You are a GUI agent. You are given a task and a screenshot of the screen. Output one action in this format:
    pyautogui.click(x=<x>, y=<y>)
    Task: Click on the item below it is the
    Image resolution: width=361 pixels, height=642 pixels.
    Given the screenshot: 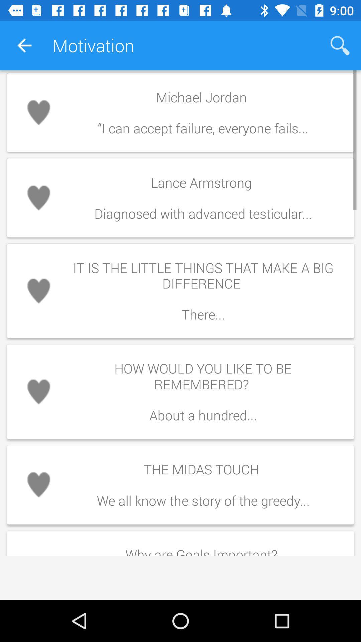 What is the action you would take?
    pyautogui.click(x=203, y=392)
    